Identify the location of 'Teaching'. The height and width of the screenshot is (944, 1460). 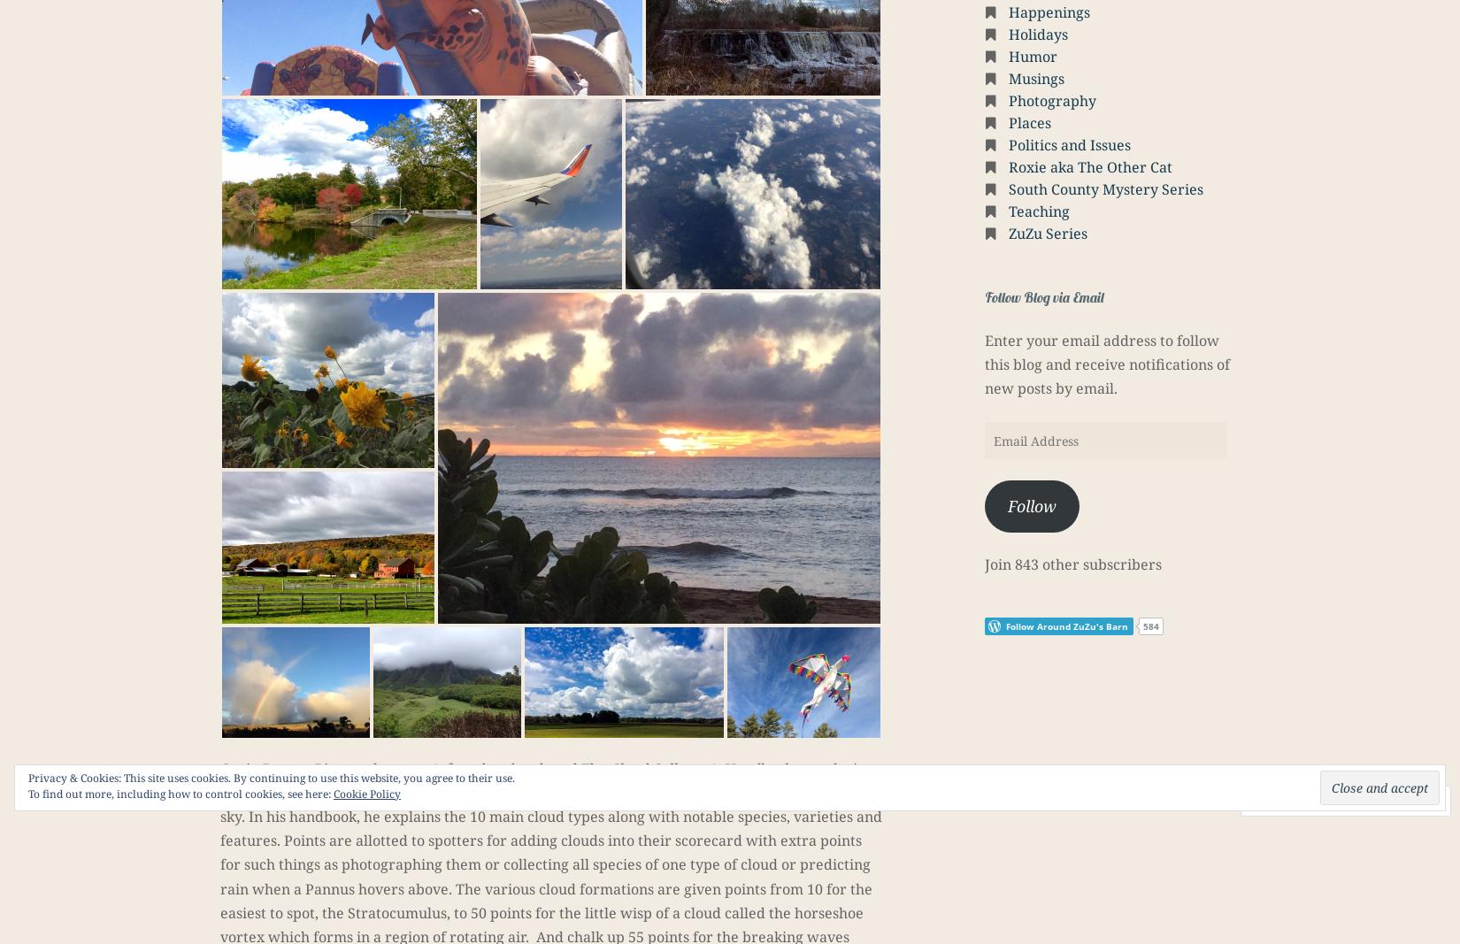
(1039, 211).